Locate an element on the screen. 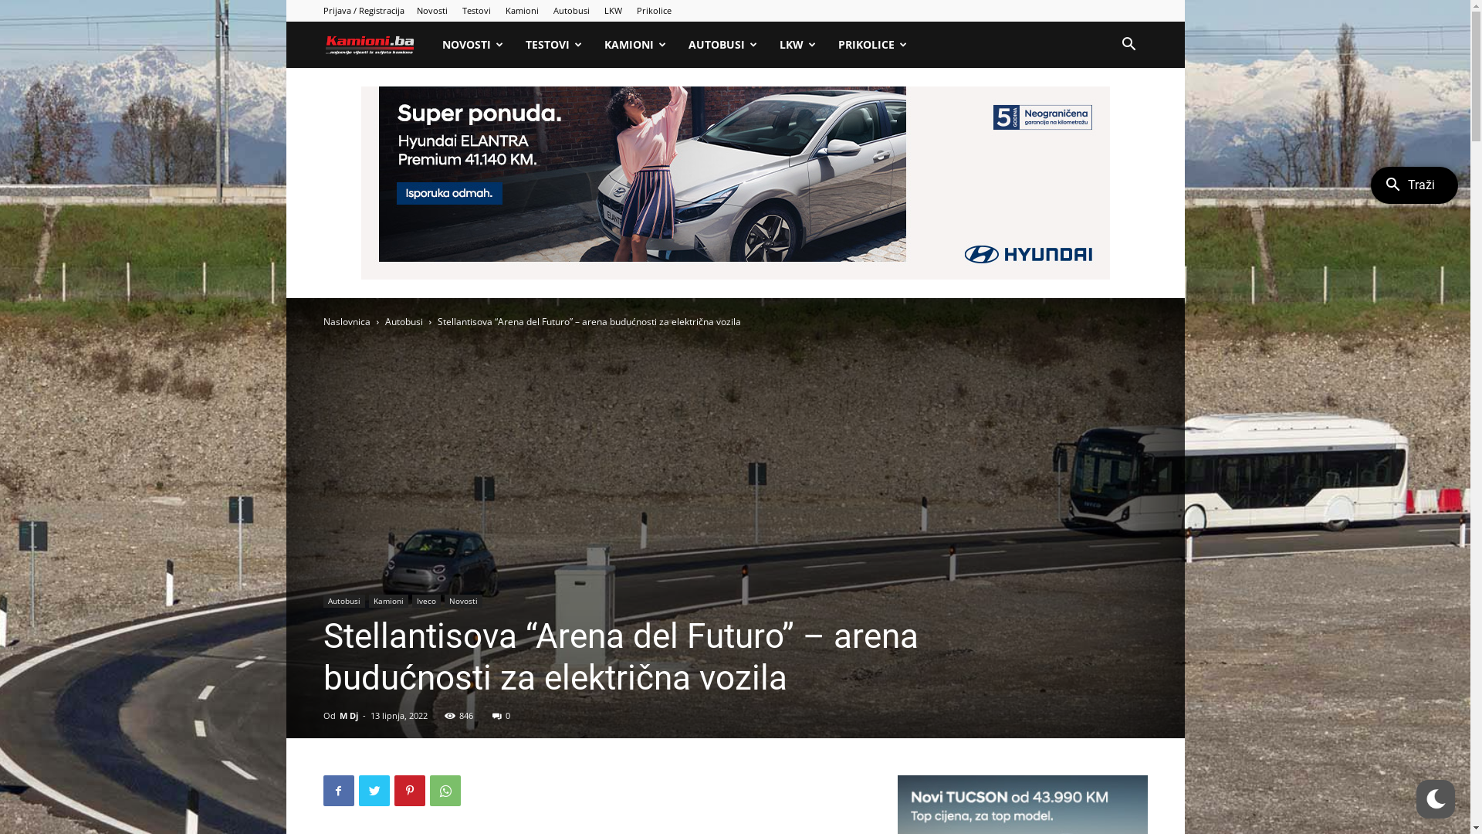  'Pinterest' is located at coordinates (408, 790).